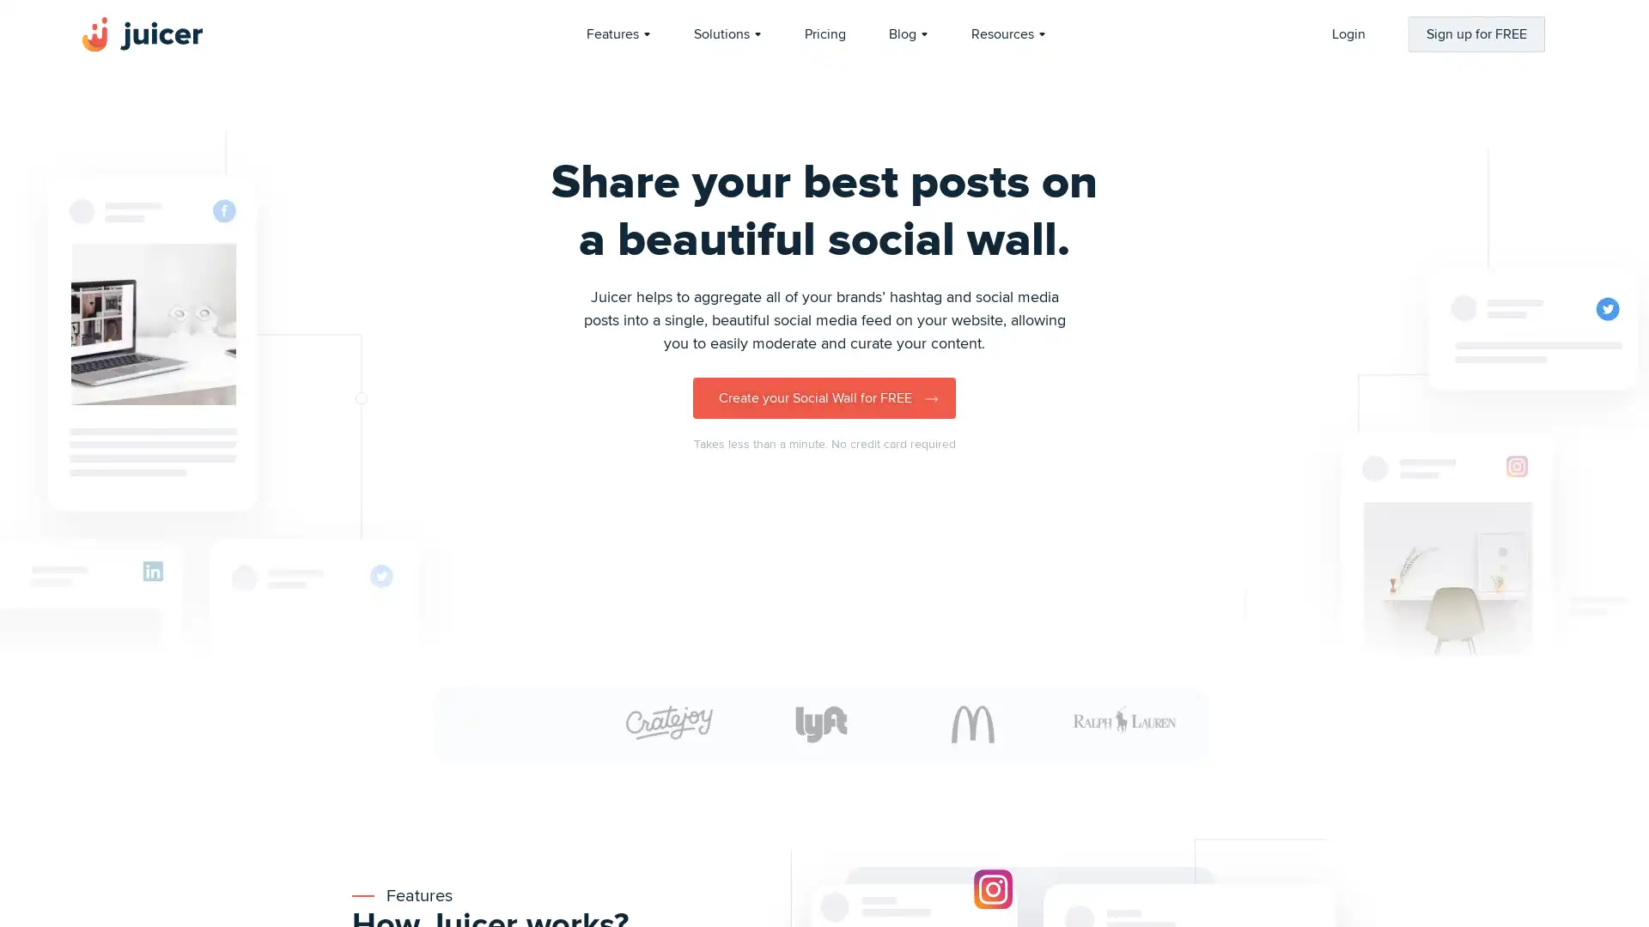 The height and width of the screenshot is (927, 1649). Describe the element at coordinates (824, 397) in the screenshot. I see `Create your Social Wall for FREE` at that location.